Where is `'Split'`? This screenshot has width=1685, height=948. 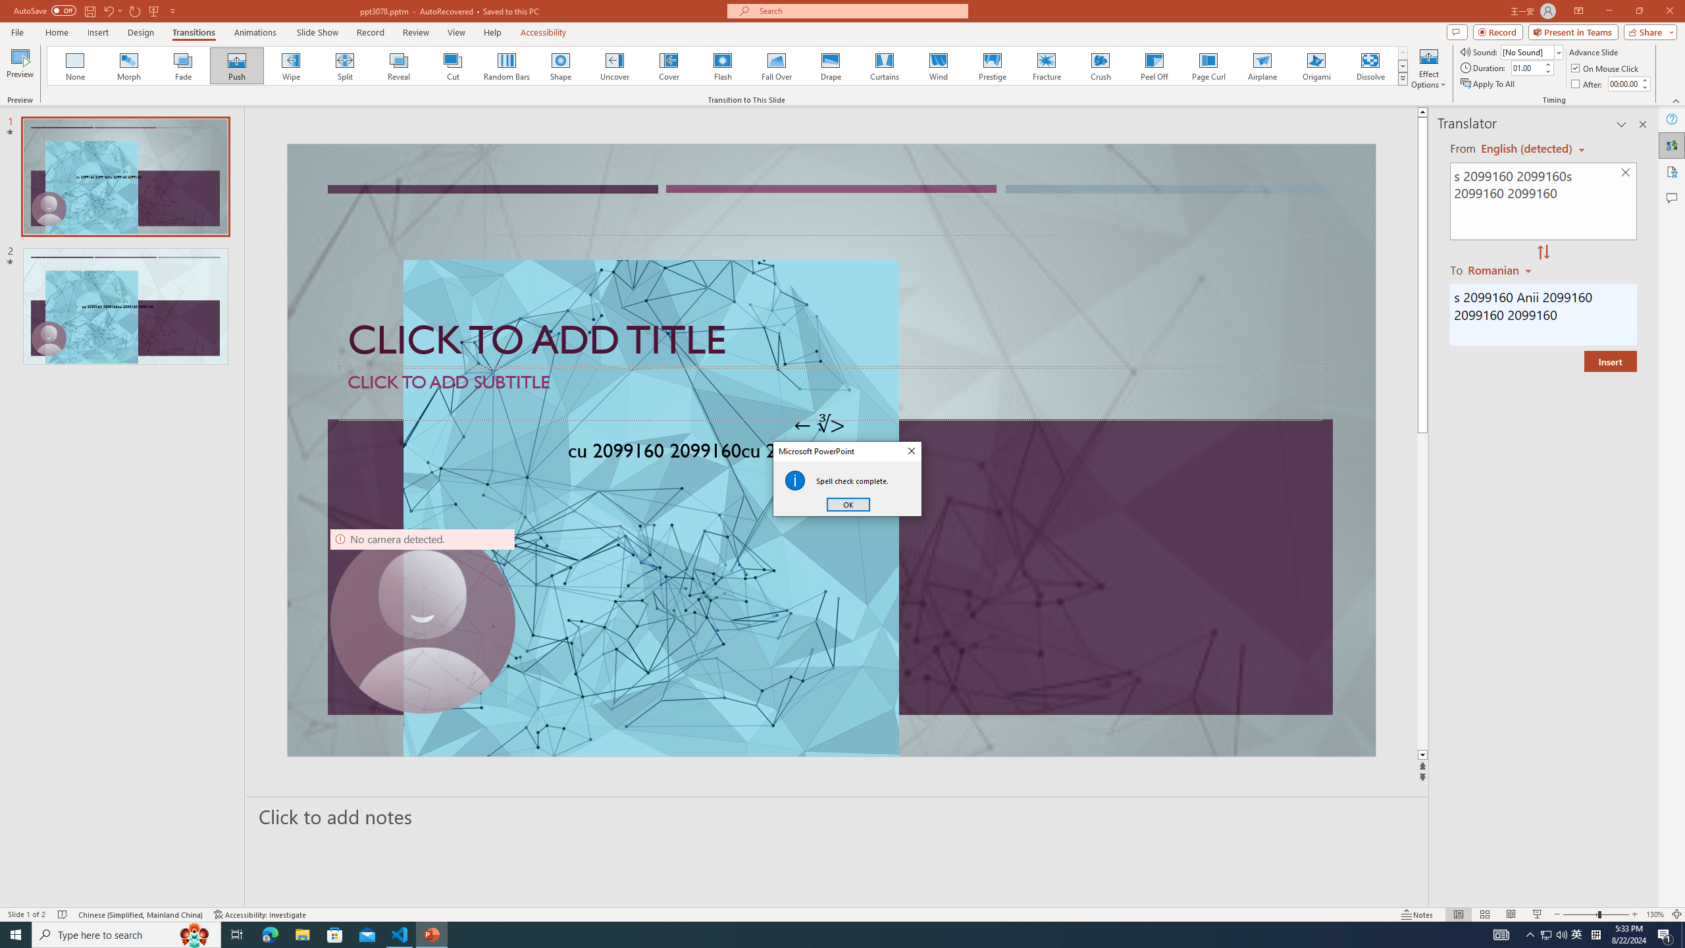 'Split' is located at coordinates (344, 65).